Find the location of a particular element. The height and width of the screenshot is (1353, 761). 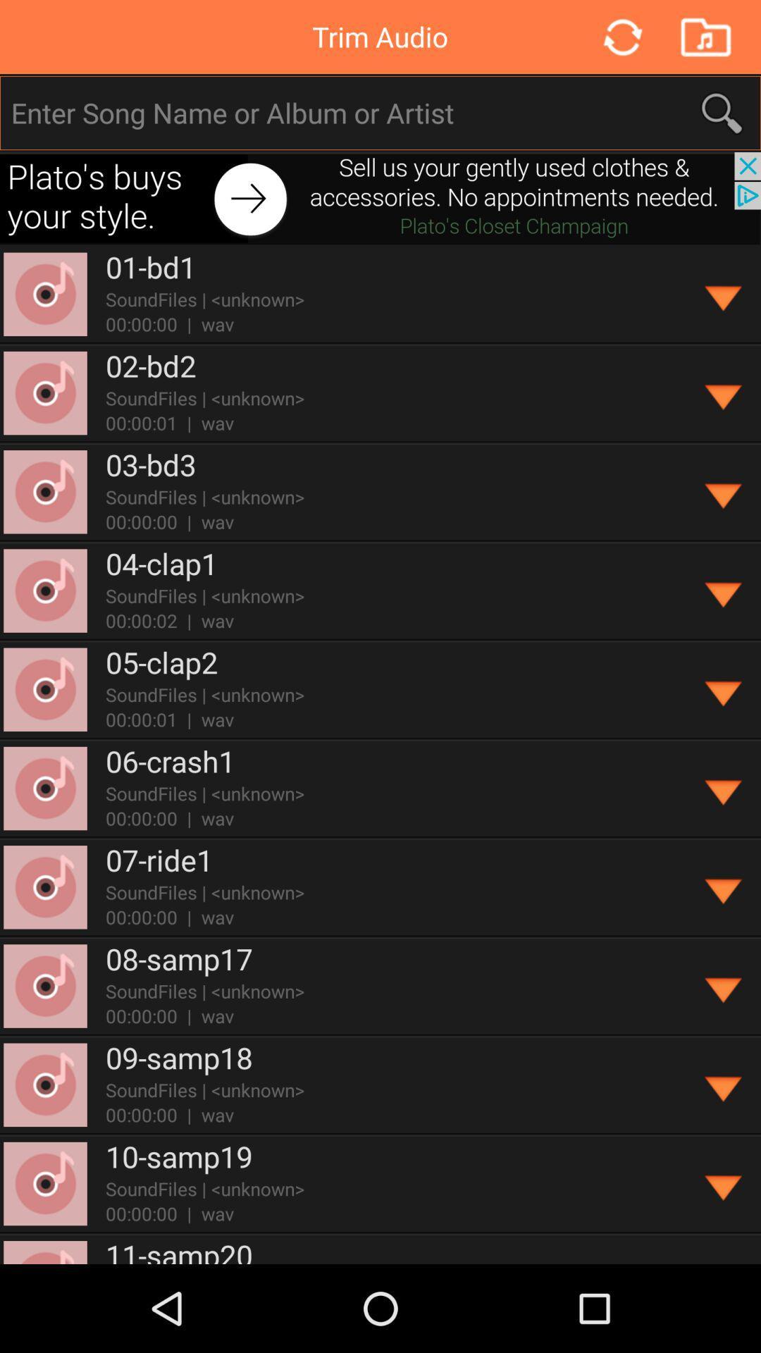

download selection is located at coordinates (724, 1184).